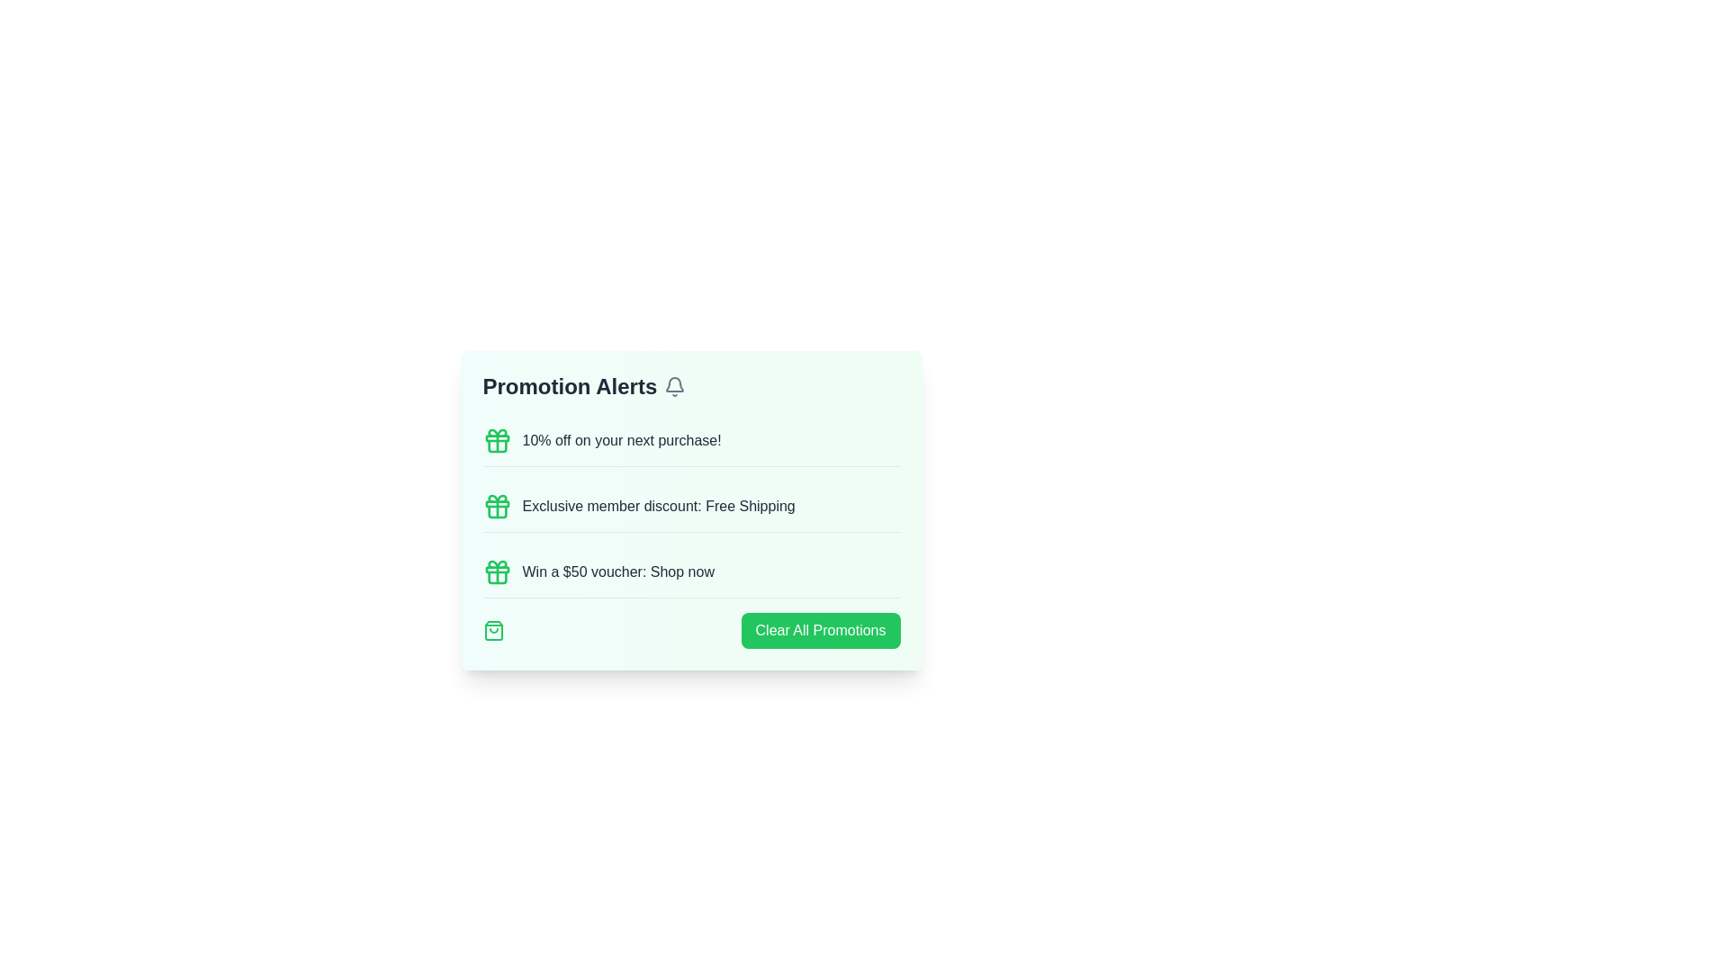  What do you see at coordinates (690, 510) in the screenshot?
I see `the Text block with an icon list that presents promotional information about discounts, specifically the second item showcasing 'Exclusive member discount: Free Shipping' in the 'Promotion Alerts' section` at bounding box center [690, 510].